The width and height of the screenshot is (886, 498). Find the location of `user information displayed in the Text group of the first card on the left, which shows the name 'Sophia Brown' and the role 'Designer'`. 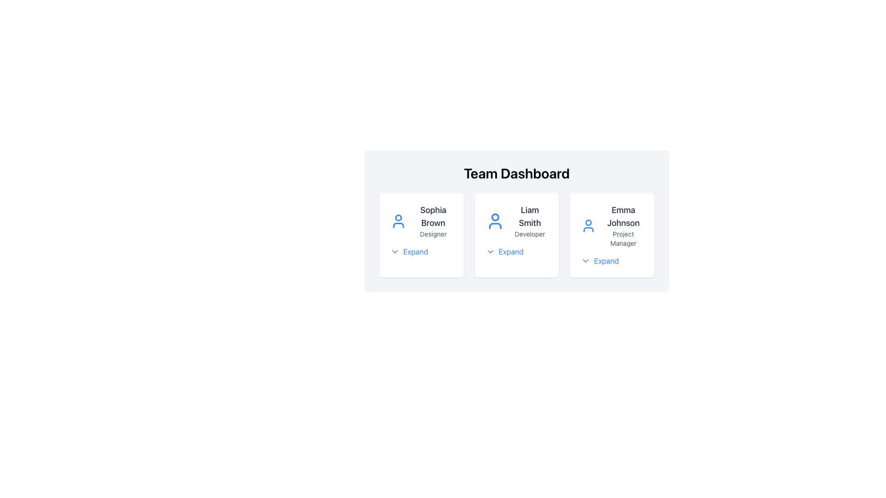

user information displayed in the Text group of the first card on the left, which shows the name 'Sophia Brown' and the role 'Designer' is located at coordinates (433, 221).